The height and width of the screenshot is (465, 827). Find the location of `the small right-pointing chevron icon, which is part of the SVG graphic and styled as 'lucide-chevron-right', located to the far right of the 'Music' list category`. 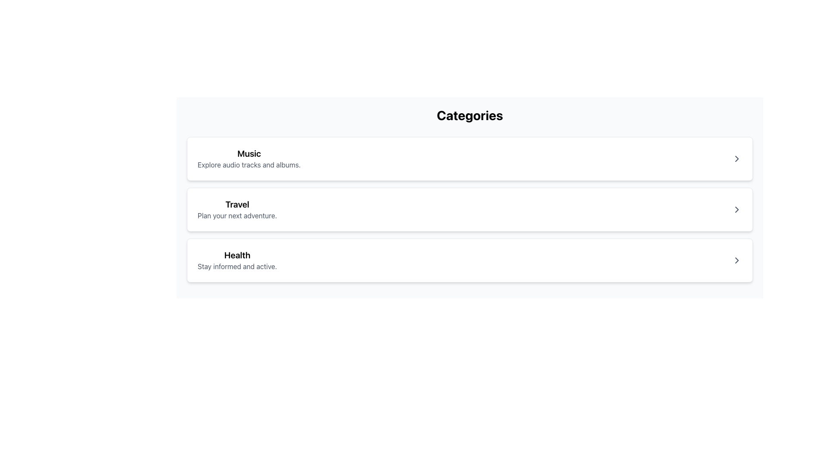

the small right-pointing chevron icon, which is part of the SVG graphic and styled as 'lucide-chevron-right', located to the far right of the 'Music' list category is located at coordinates (736, 159).